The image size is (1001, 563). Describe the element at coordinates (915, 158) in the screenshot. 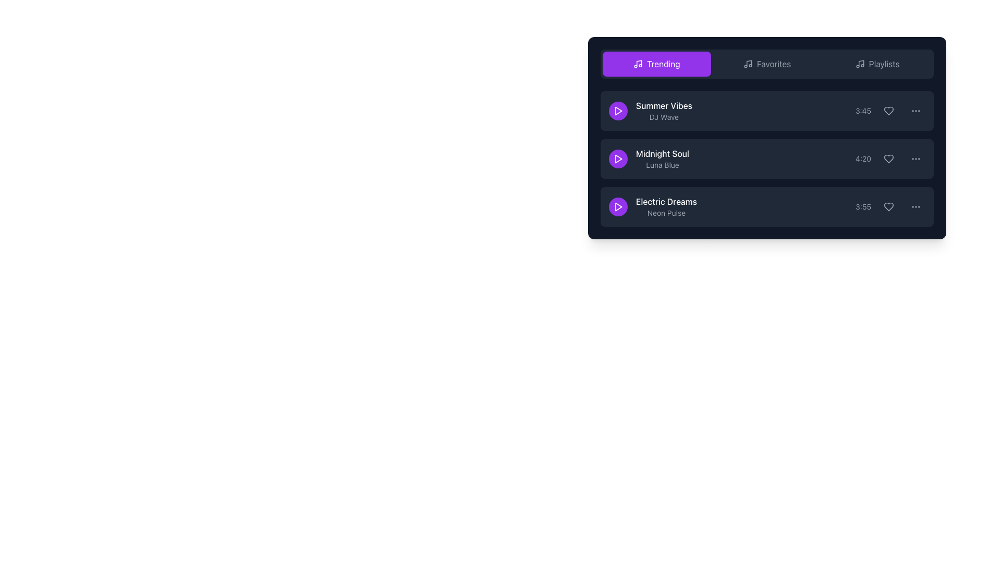

I see `the ellipsis icon located inside a clickable button styled as a rounded rectangle on the right end of the second row in the list` at that location.